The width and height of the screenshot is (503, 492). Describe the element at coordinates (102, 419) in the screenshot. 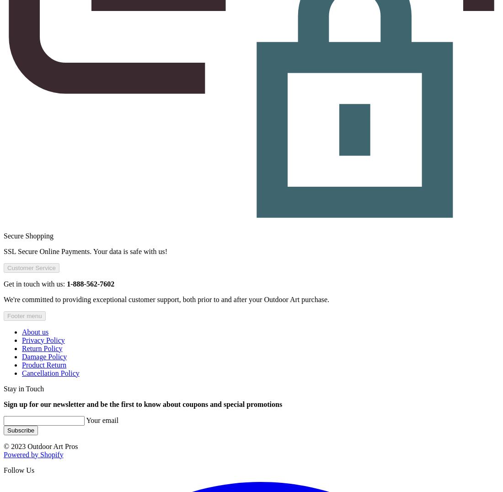

I see `'Your email'` at that location.